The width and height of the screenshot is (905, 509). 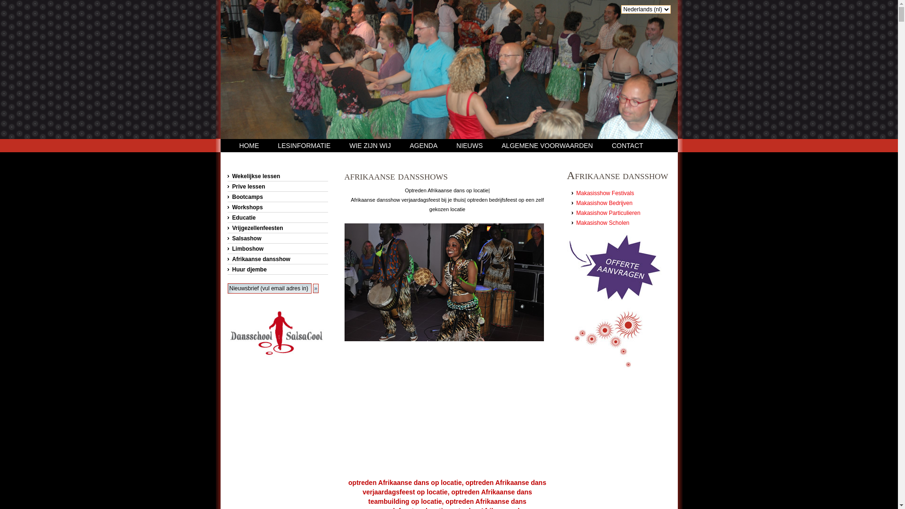 What do you see at coordinates (469, 145) in the screenshot?
I see `'NIEUWS'` at bounding box center [469, 145].